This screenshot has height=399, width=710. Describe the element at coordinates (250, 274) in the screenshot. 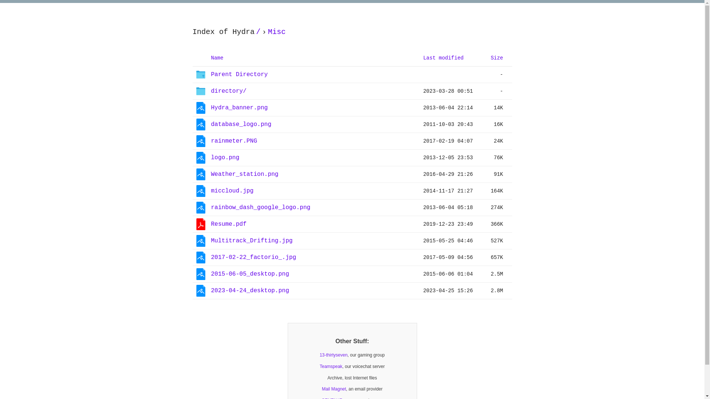

I see `'2015-06-05_desktop.png'` at that location.